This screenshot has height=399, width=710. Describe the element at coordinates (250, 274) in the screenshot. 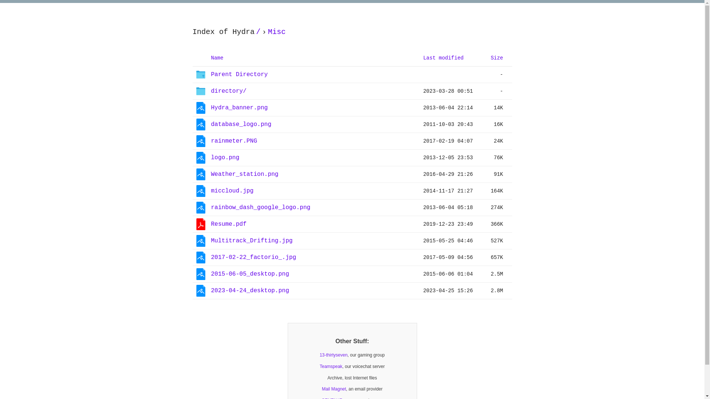

I see `'2015-06-05_desktop.png'` at that location.